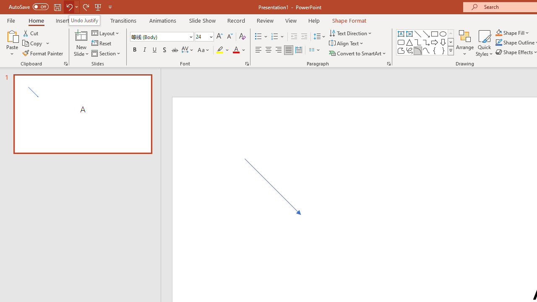 This screenshot has height=302, width=537. I want to click on 'Undo Justify', so click(84, 20).